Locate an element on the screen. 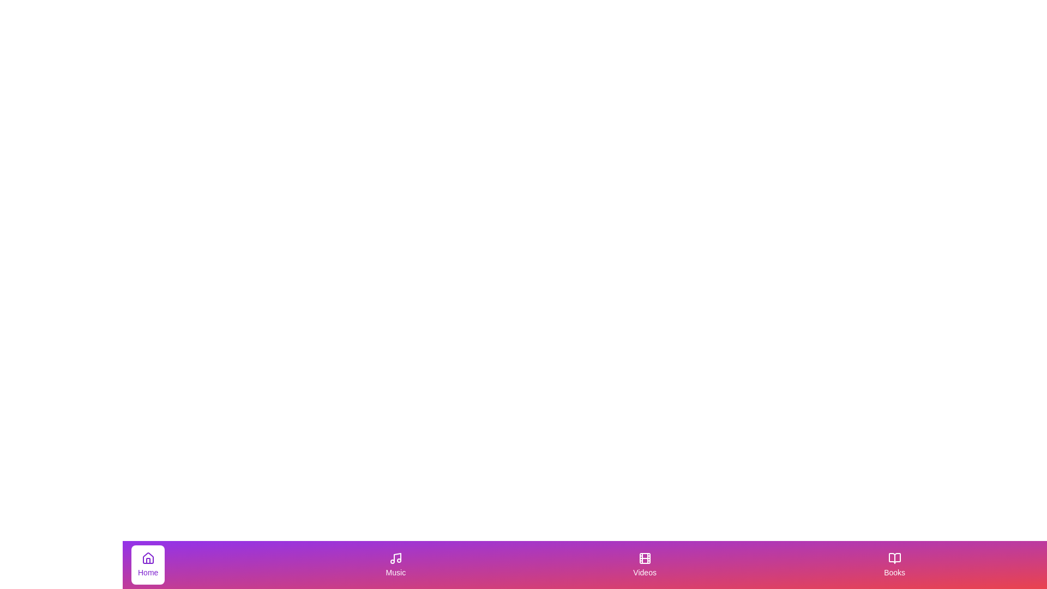 The width and height of the screenshot is (1047, 589). the Home button to switch to the corresponding tab is located at coordinates (147, 564).